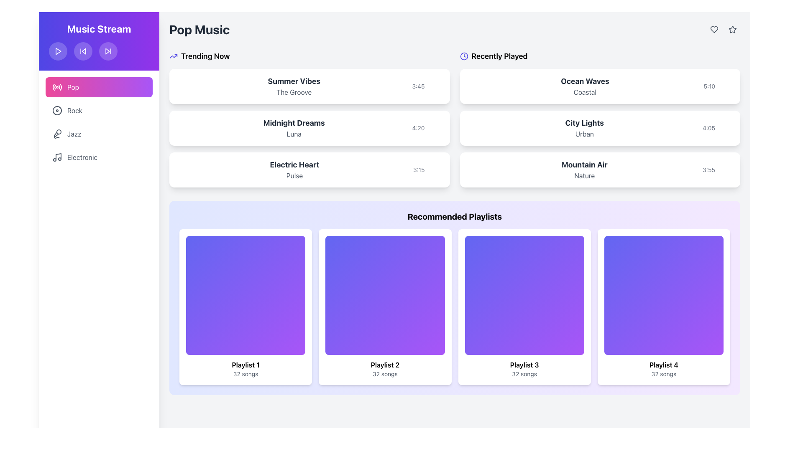 The image size is (803, 451). I want to click on the first text display component in the 'Trending Now' section that shows the song title and artist information, so click(294, 86).